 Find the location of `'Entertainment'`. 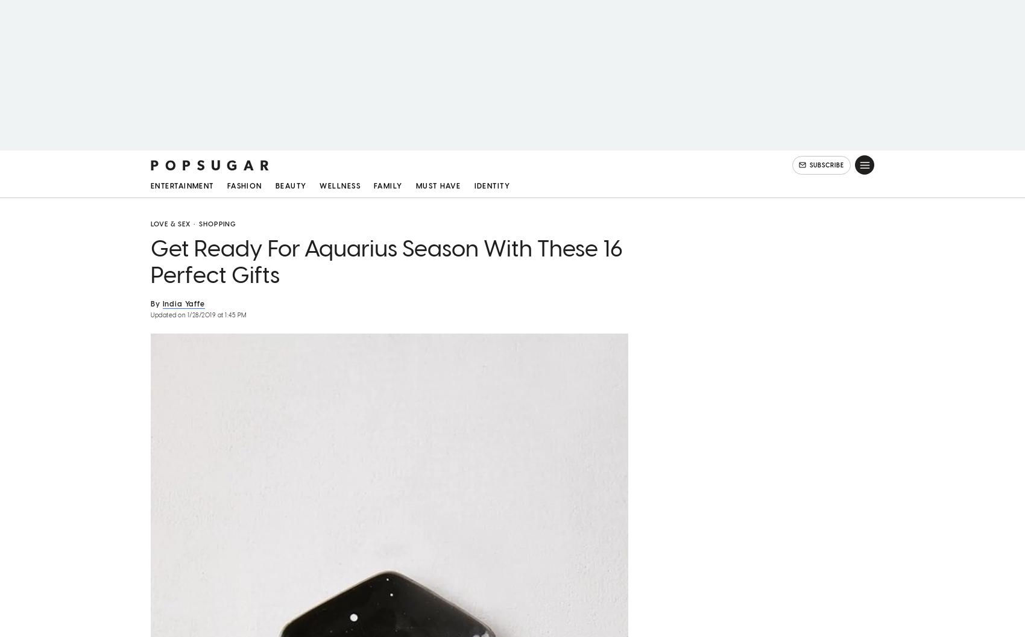

'Entertainment' is located at coordinates (181, 187).